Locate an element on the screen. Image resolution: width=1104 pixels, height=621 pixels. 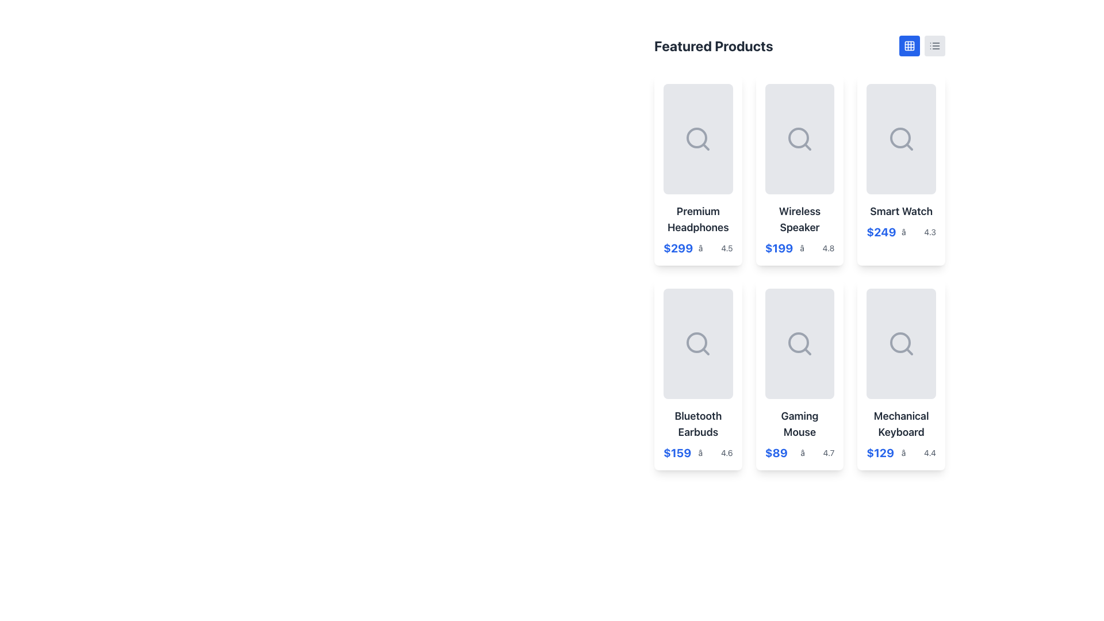
the Rating display located in the second row of product cards under the 'Smart Watch' item, positioned to the right of the price '$249' is located at coordinates (918, 232).